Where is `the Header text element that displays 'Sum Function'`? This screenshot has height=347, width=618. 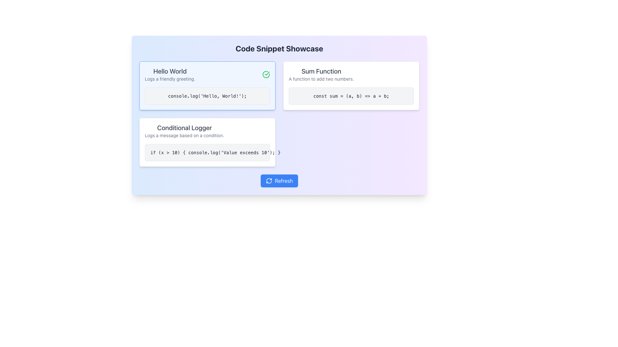
the Header text element that displays 'Sum Function' is located at coordinates (321, 71).